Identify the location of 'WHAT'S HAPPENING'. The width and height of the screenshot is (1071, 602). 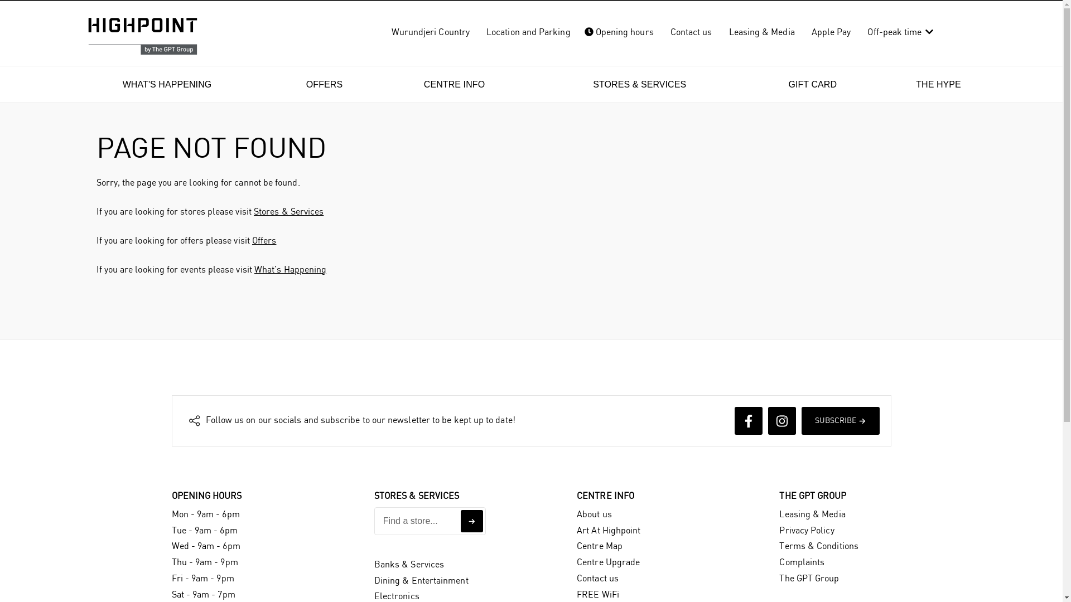
(166, 83).